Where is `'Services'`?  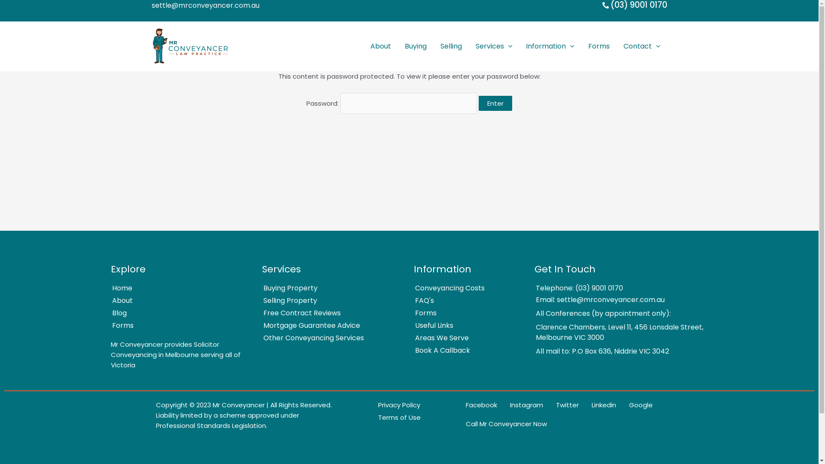 'Services' is located at coordinates (468, 46).